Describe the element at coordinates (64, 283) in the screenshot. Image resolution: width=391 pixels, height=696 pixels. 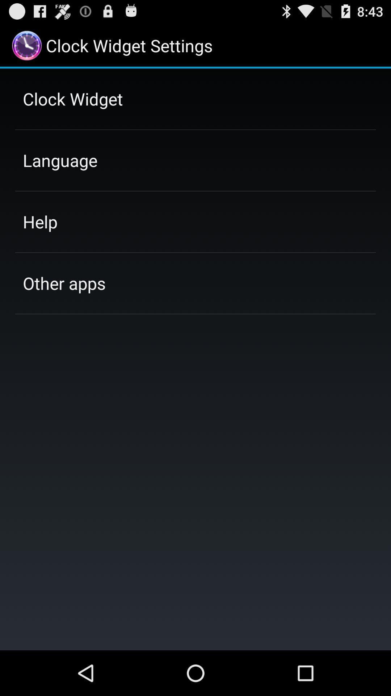
I see `item below help item` at that location.